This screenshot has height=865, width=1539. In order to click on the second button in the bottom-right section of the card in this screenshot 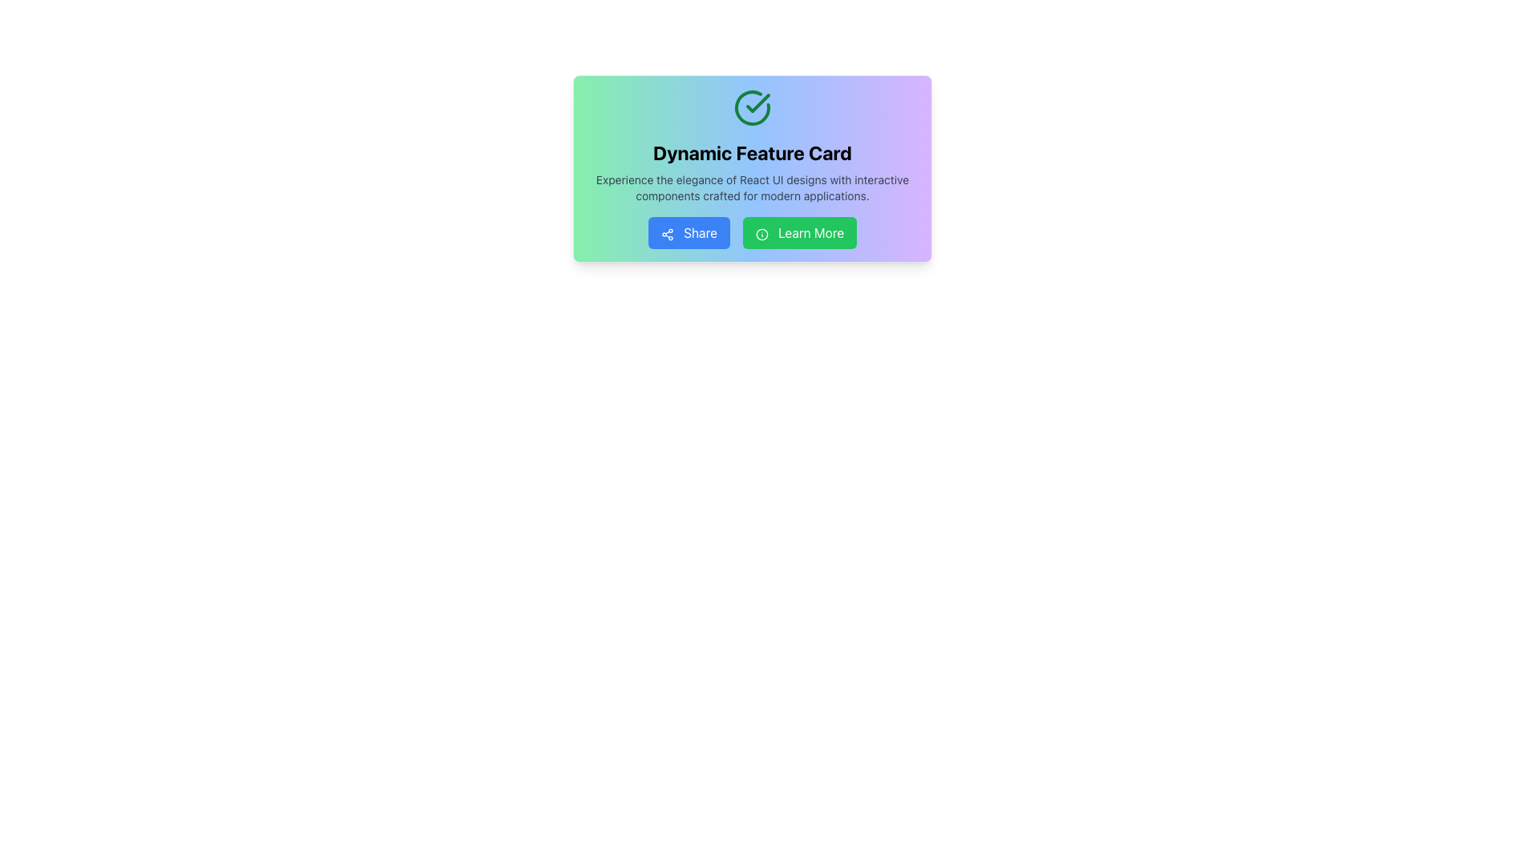, I will do `click(800, 232)`.